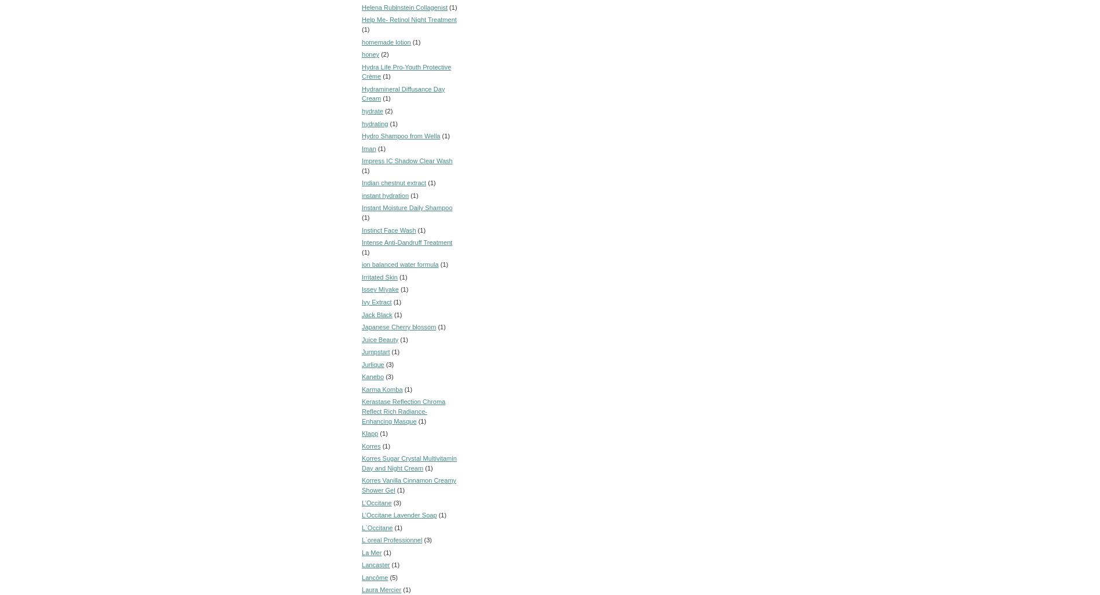 This screenshot has width=1100, height=595. What do you see at coordinates (380, 289) in the screenshot?
I see `'Issey Miyake'` at bounding box center [380, 289].